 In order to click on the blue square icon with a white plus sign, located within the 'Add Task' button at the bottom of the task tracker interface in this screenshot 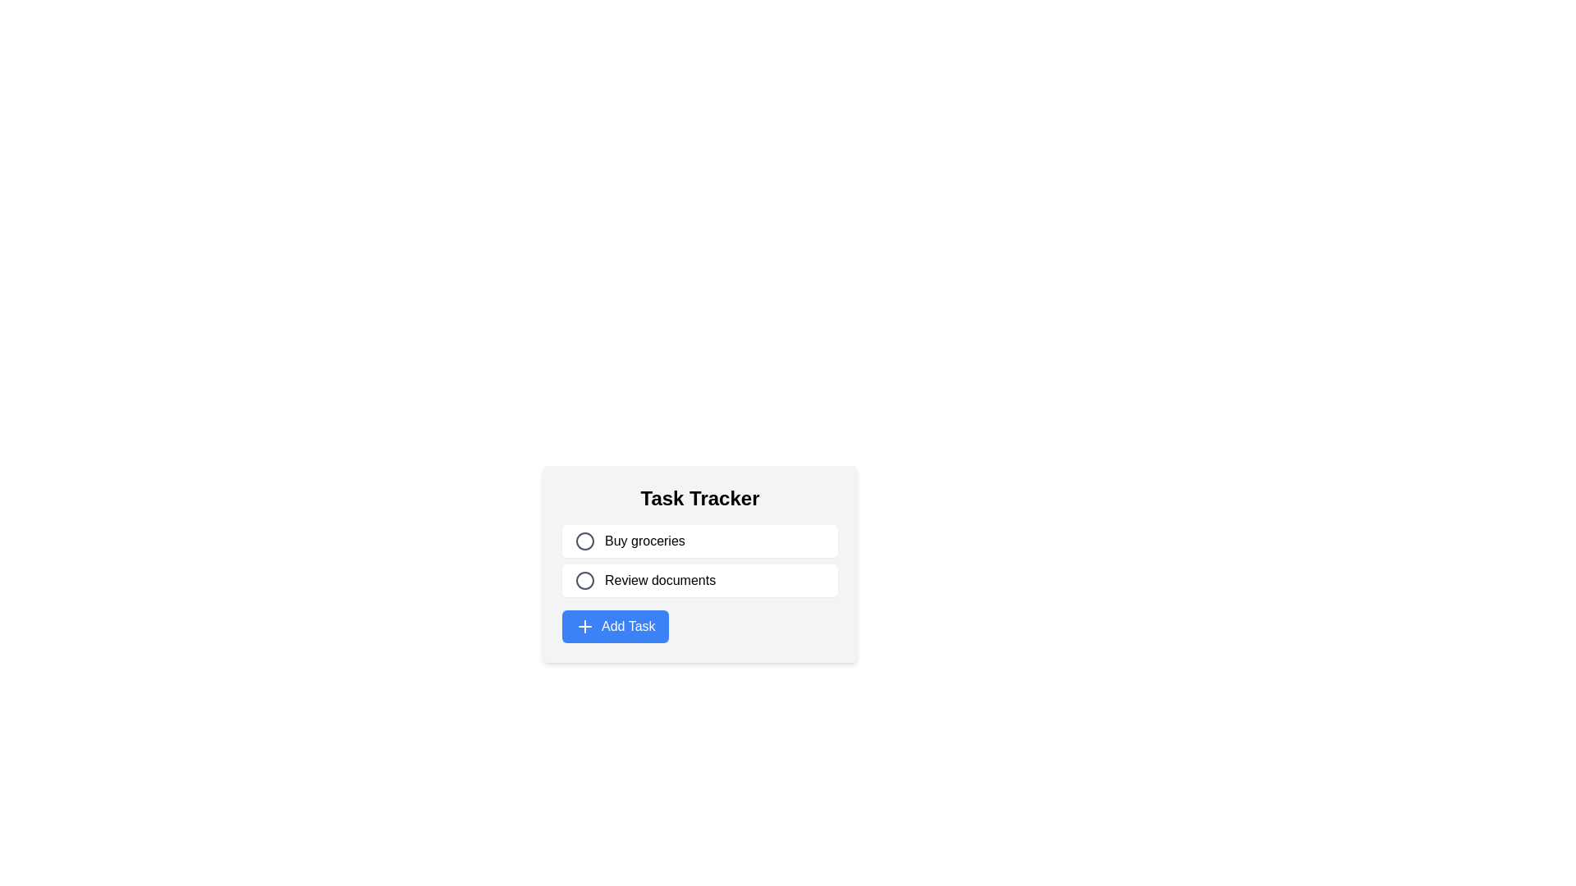, I will do `click(585, 626)`.